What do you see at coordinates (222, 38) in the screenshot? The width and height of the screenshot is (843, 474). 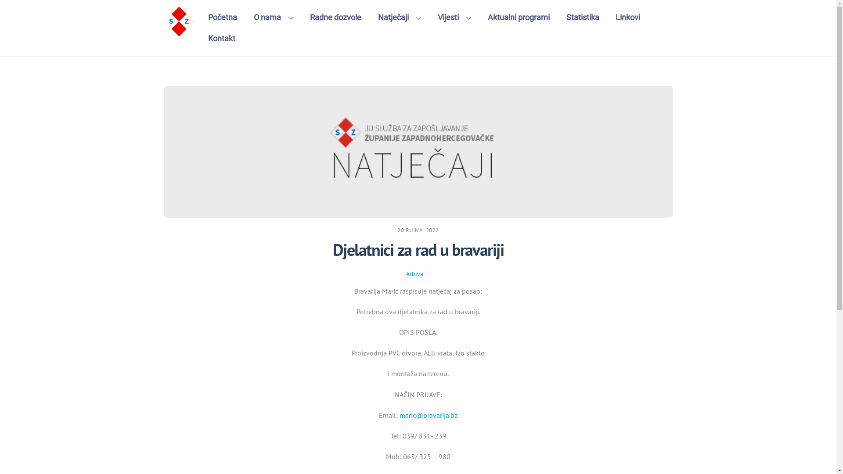 I see `'Kontakt'` at bounding box center [222, 38].